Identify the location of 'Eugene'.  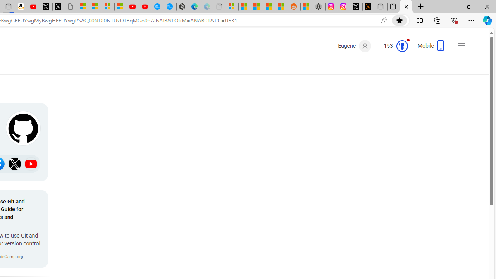
(354, 46).